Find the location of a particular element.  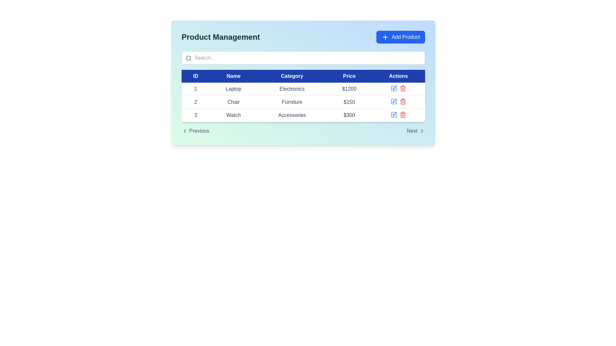

the 'Electronics' text label in the 'Category' column of the table, which is located in the row for 'Laptop' is located at coordinates (292, 89).